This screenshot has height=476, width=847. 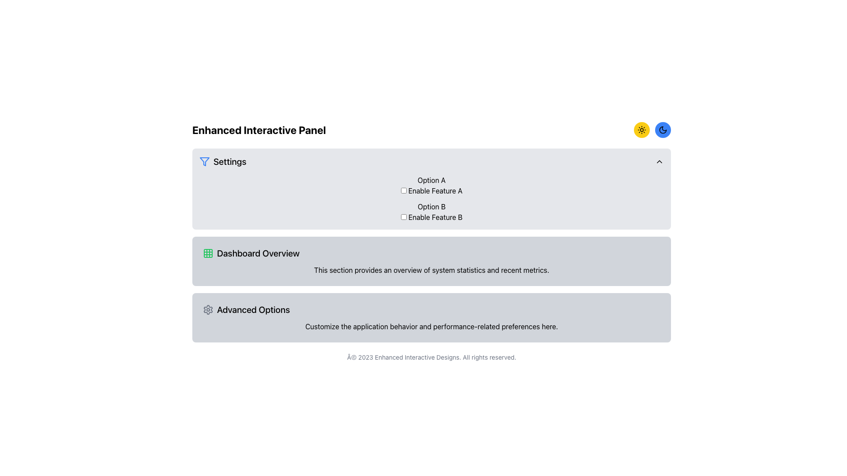 What do you see at coordinates (258, 253) in the screenshot?
I see `the Text Label that indicates the overview of the dashboard, located beneath the 'Settings' section and to the right of a green grid icon` at bounding box center [258, 253].